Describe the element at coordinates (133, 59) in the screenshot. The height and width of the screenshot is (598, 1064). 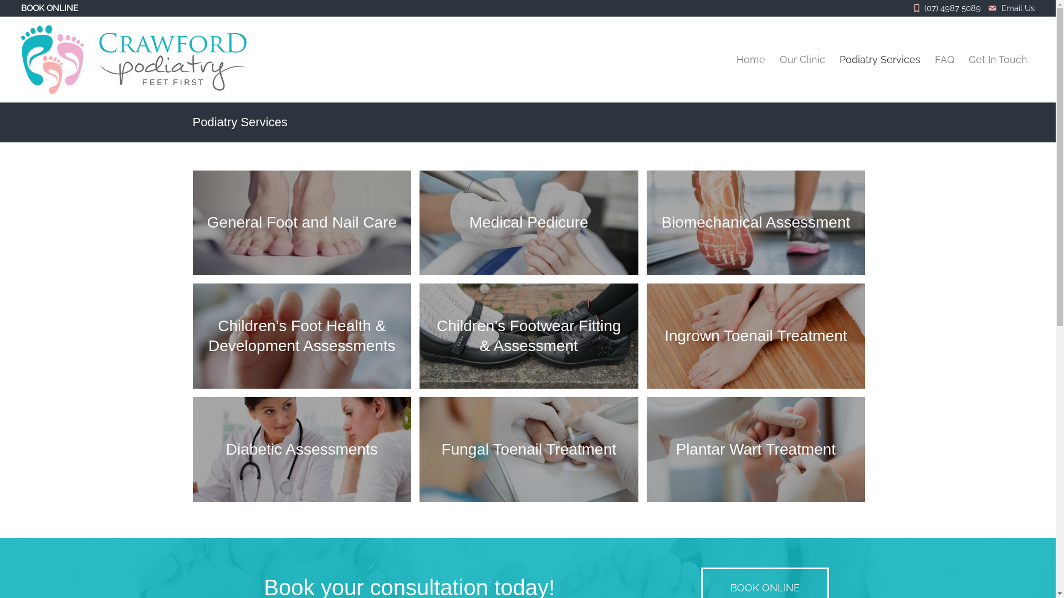
I see `'crawford-logo'` at that location.